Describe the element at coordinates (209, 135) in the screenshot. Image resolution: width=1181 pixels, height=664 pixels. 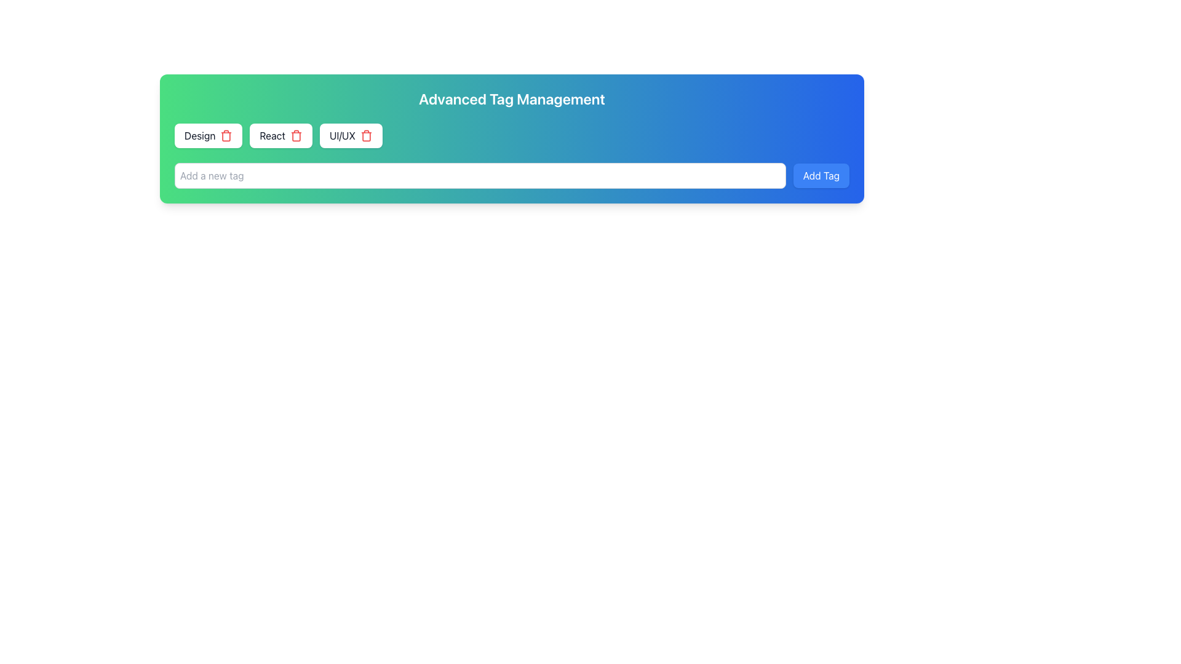
I see `the first button labeled 'Design' with a delete icon` at that location.